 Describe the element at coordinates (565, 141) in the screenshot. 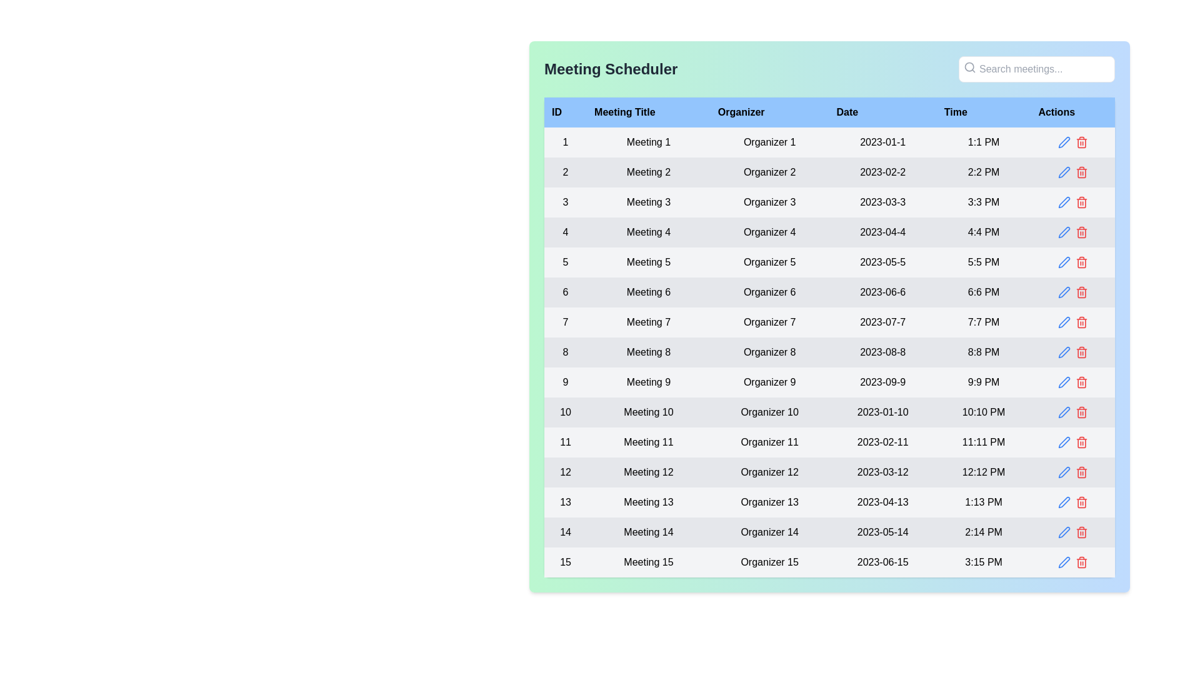

I see `the text content in the first column of the first row within the table labeled 'Meeting Scheduler'` at that location.